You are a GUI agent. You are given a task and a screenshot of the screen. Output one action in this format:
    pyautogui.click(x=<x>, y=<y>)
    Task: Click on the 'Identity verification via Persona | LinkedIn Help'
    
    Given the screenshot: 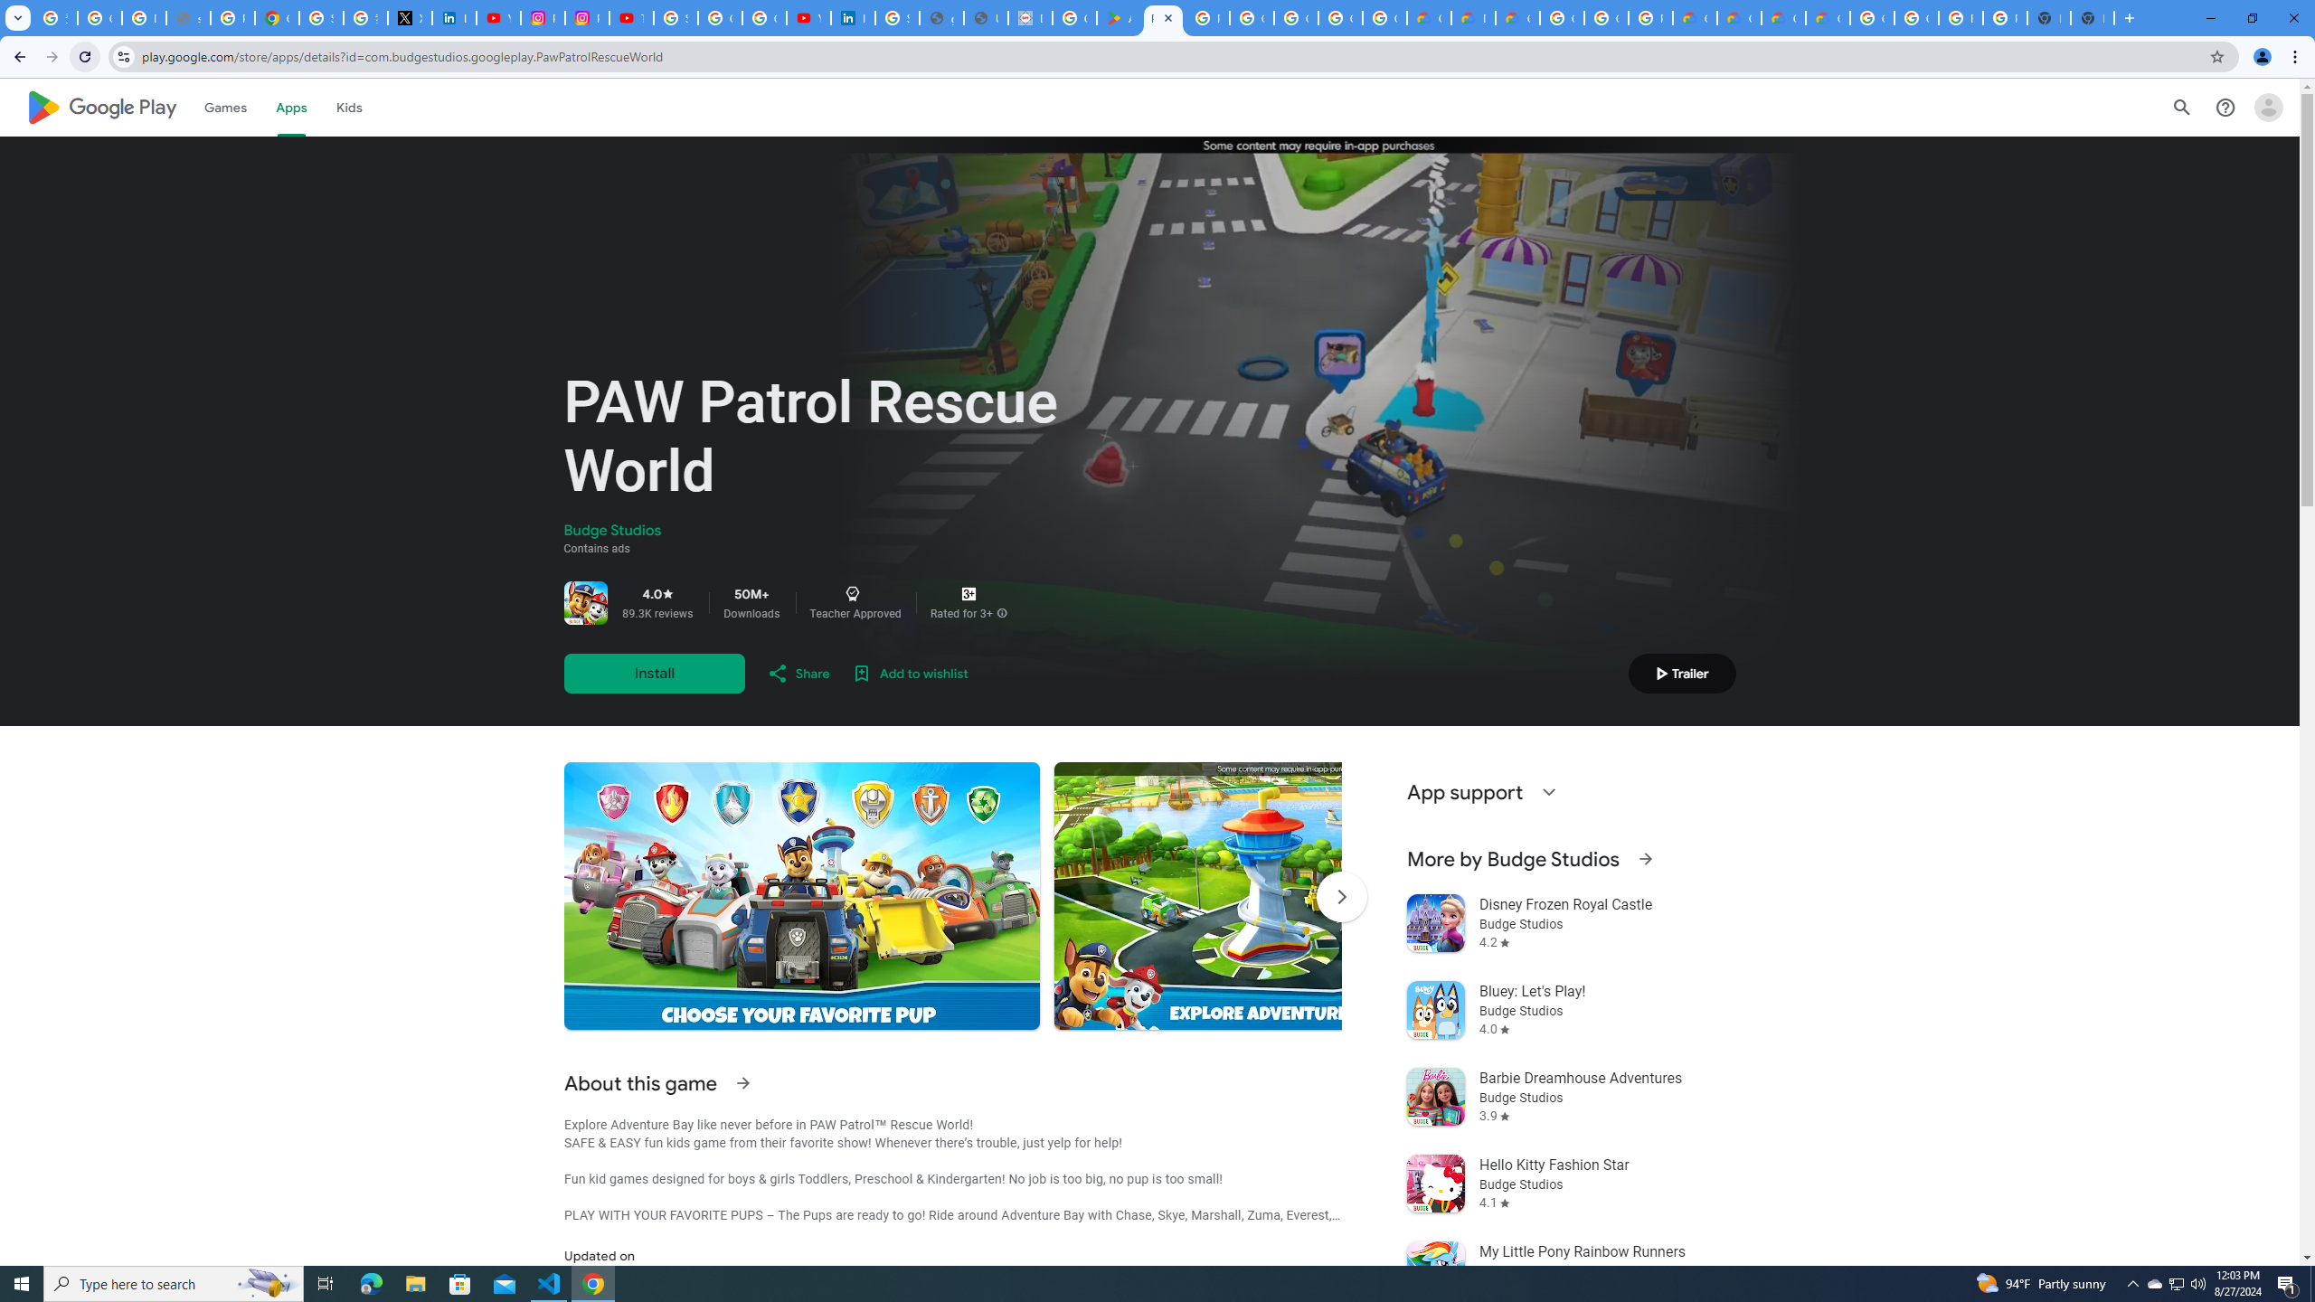 What is the action you would take?
    pyautogui.click(x=852, y=17)
    